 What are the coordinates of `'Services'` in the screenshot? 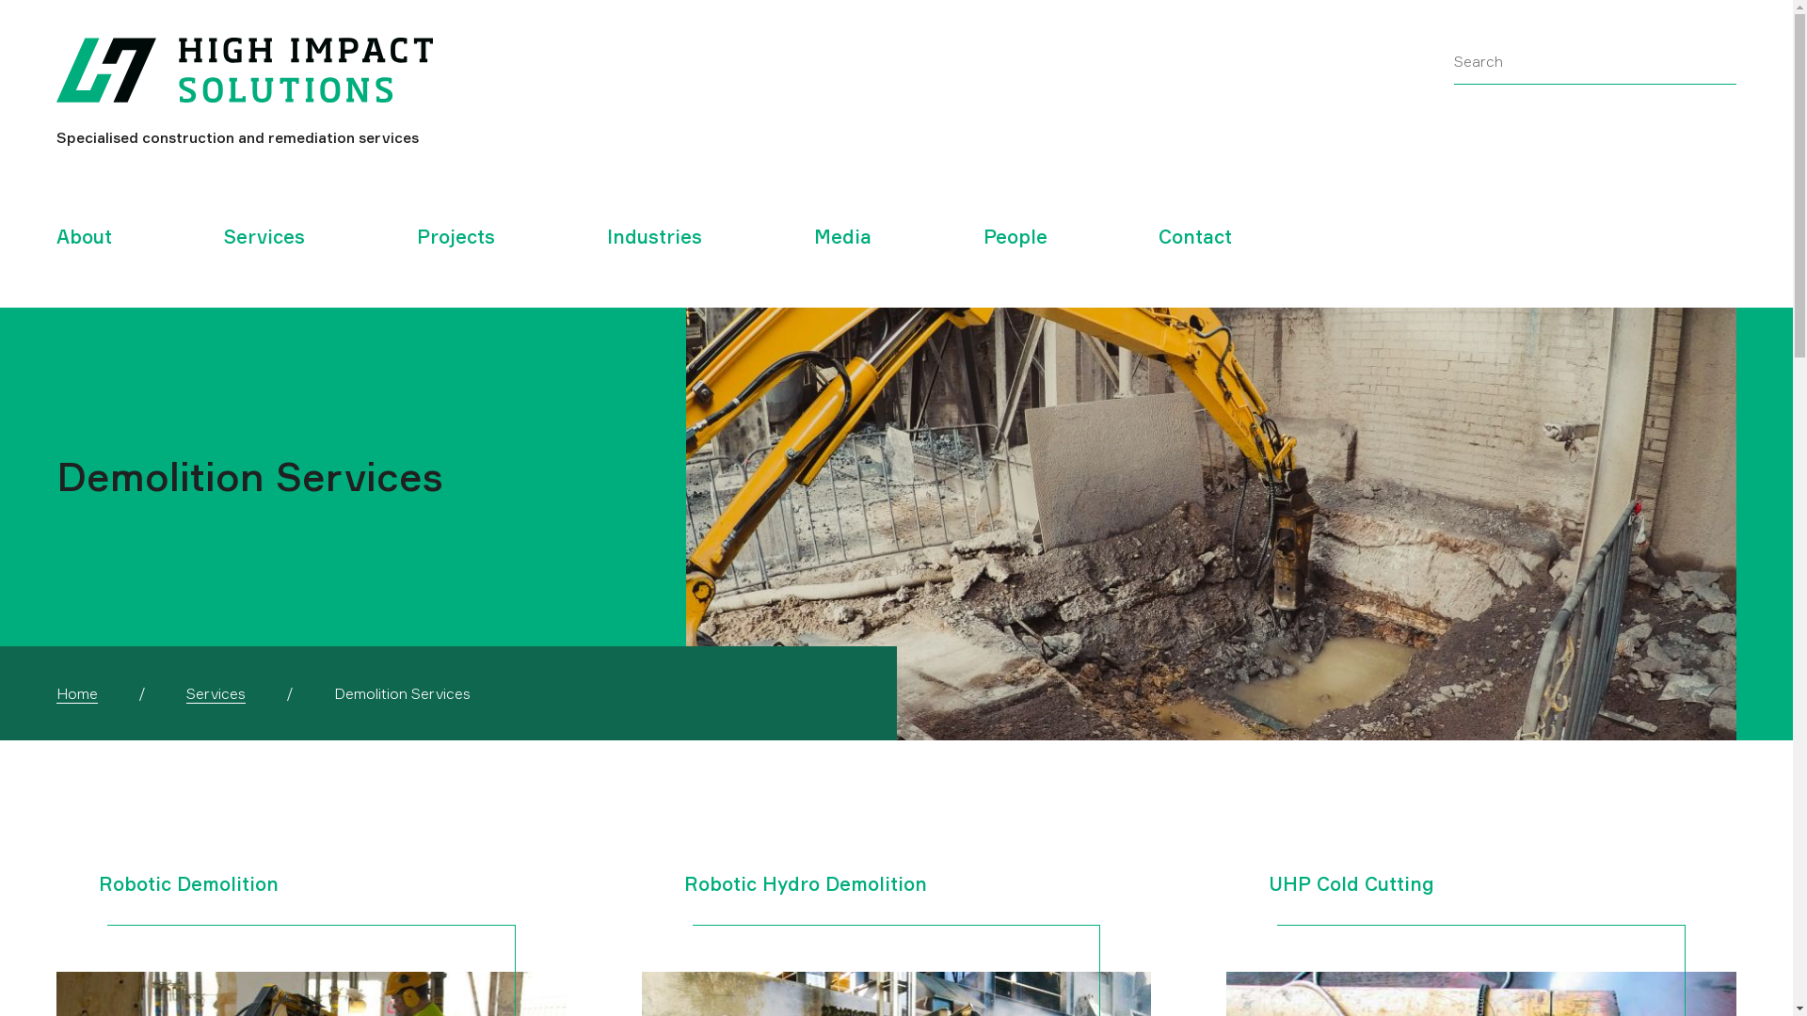 It's located at (216, 693).